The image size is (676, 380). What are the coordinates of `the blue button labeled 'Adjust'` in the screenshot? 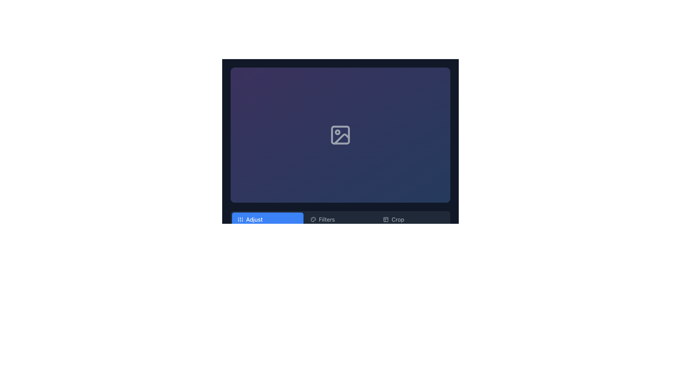 It's located at (267, 219).